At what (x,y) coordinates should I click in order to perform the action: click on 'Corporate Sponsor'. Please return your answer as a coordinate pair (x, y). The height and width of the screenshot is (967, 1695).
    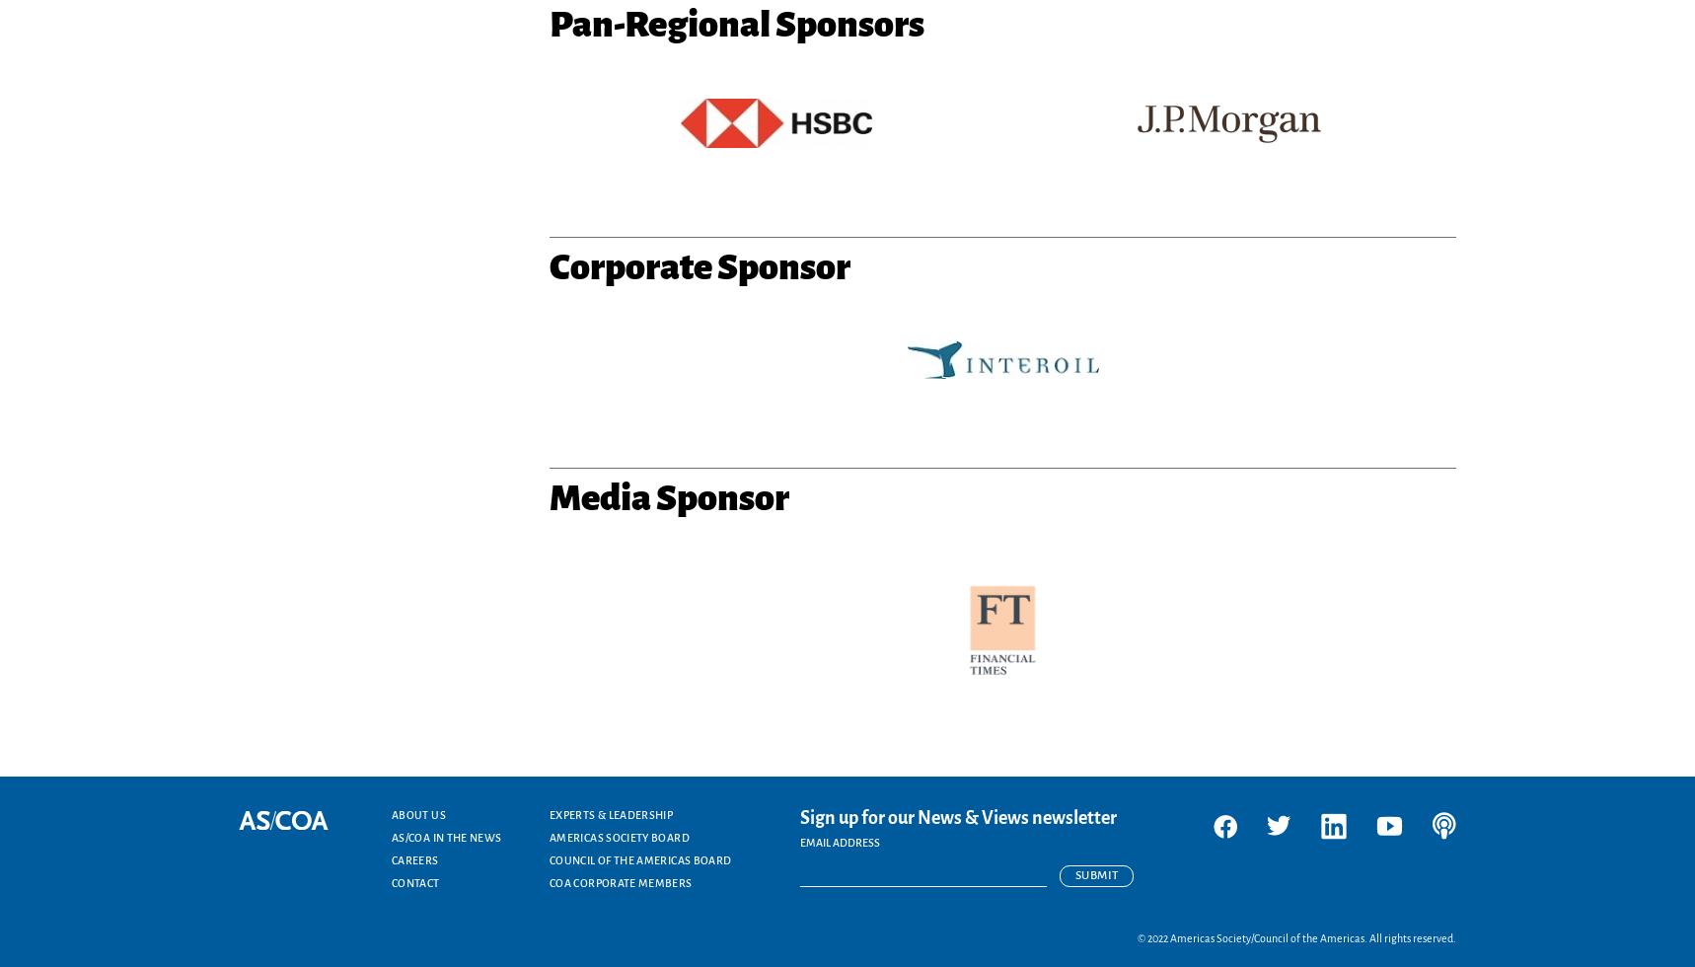
    Looking at the image, I should click on (699, 265).